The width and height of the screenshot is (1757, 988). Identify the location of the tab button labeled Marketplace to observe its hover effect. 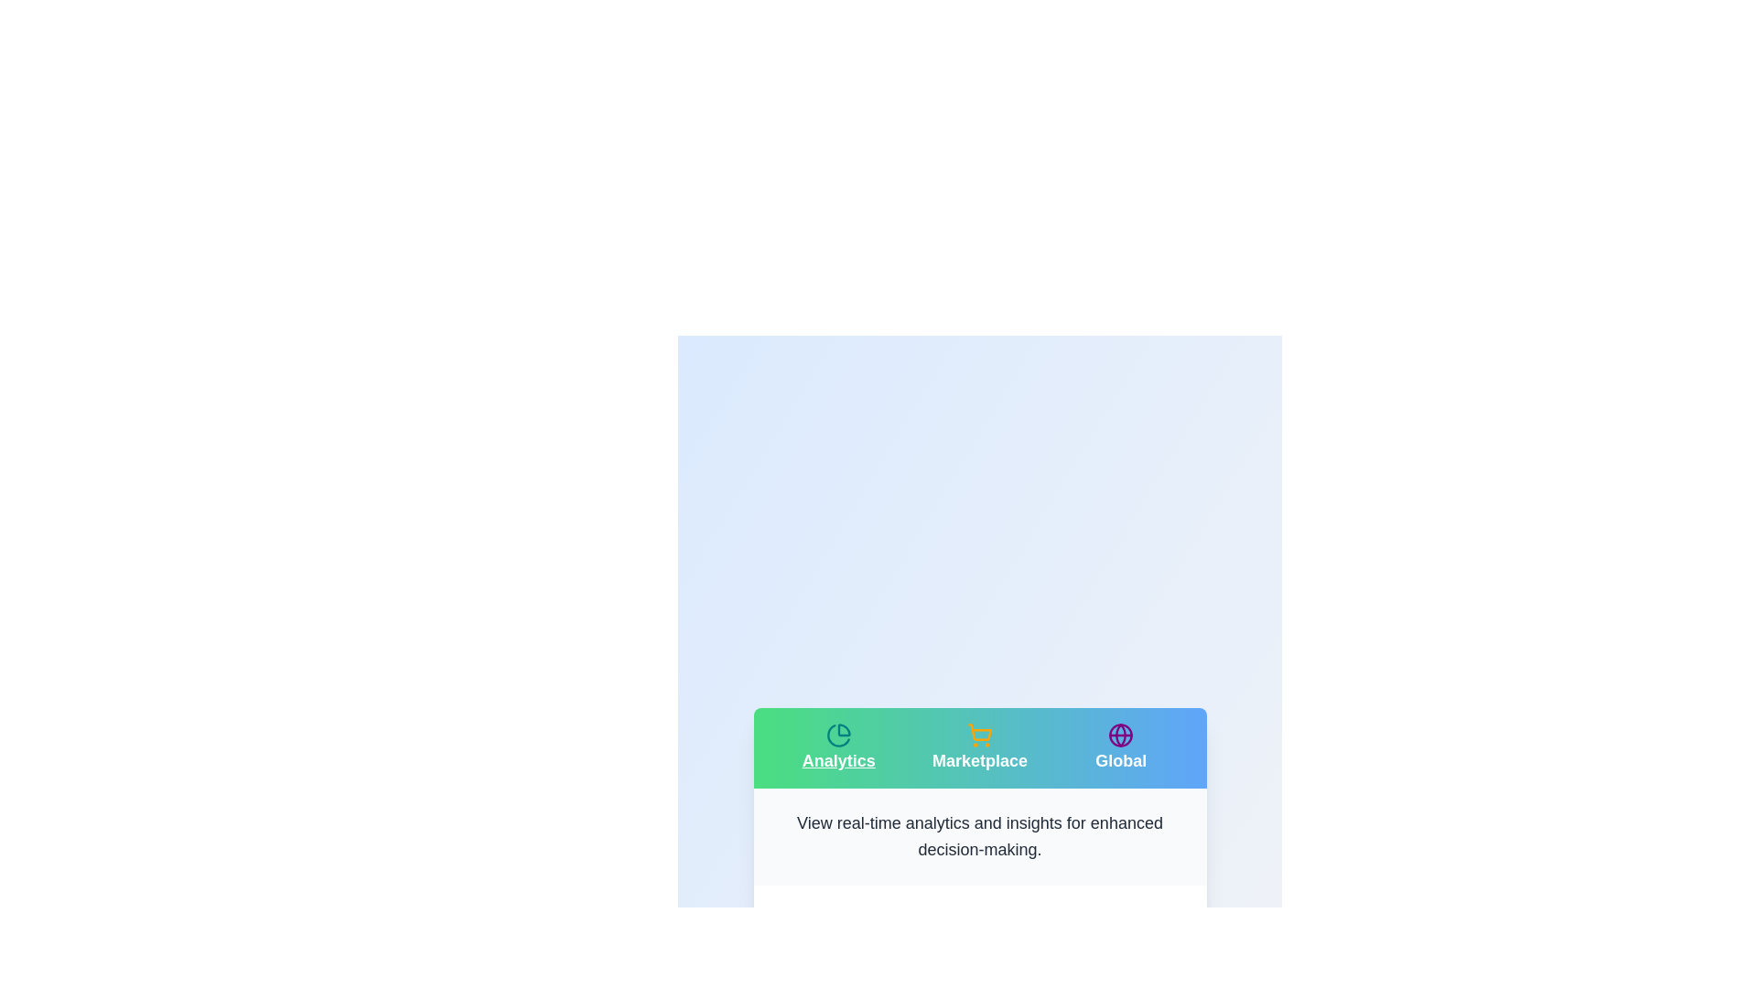
(978, 747).